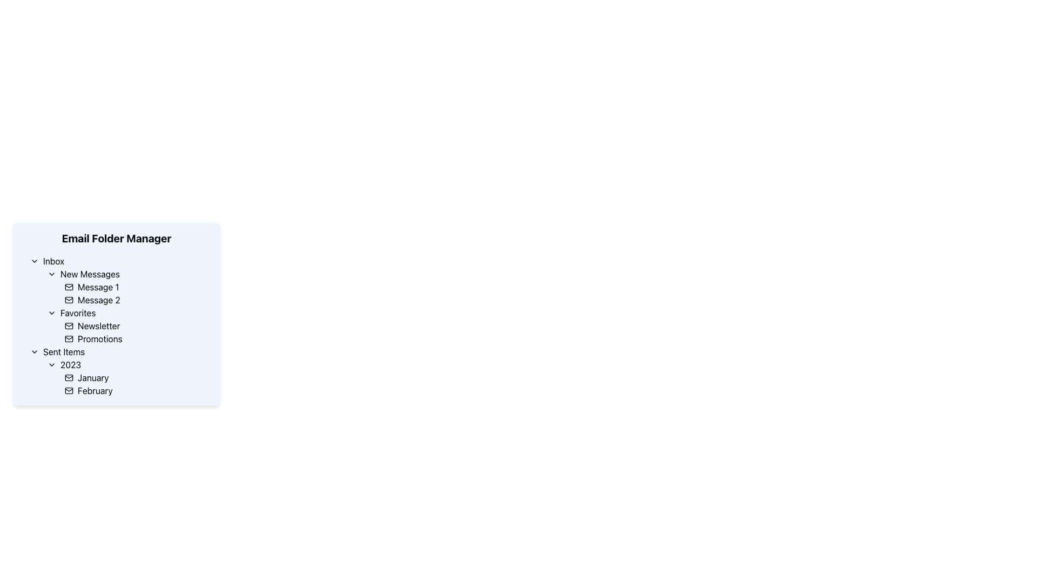  I want to click on the second item in the 'Favorites' section, which represents a category or folder, located below 'Newsletter' and above 'Sent Items', so click(130, 332).